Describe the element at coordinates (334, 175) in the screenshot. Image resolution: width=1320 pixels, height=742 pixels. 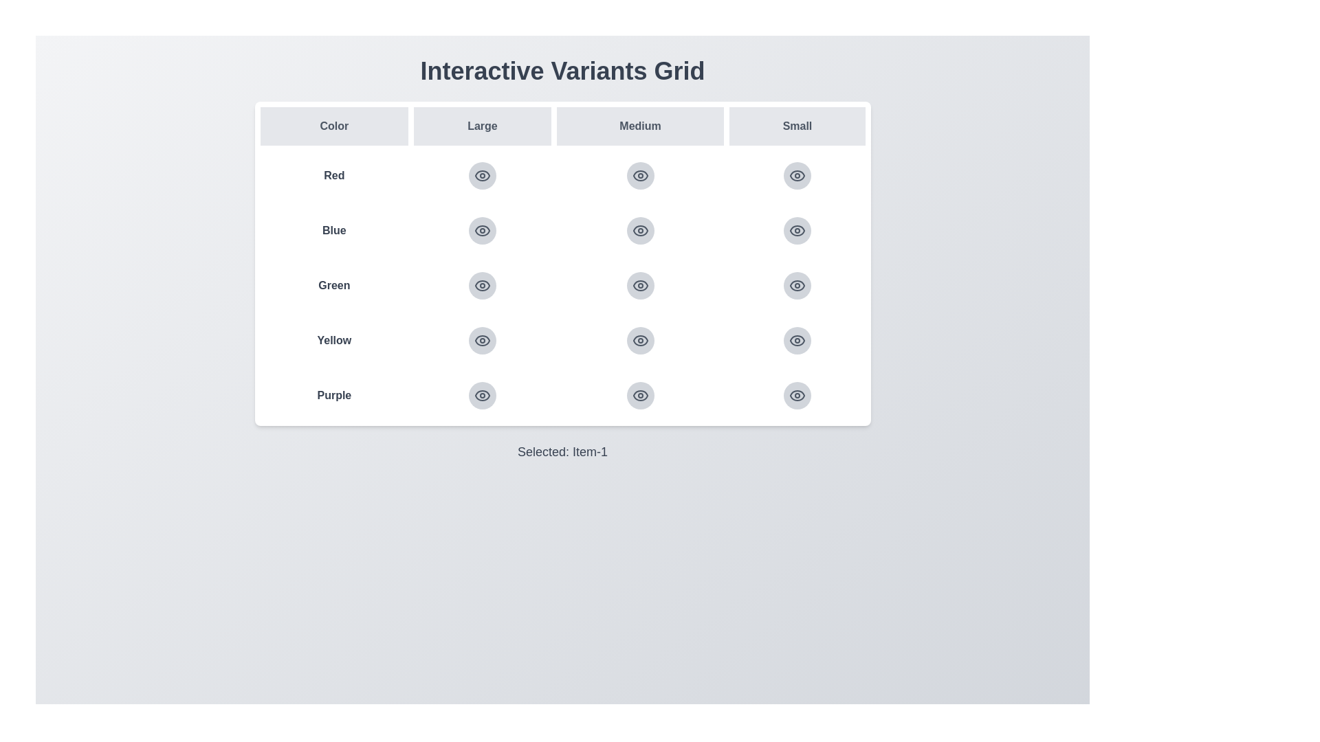
I see `the bold gray textual label displaying 'Red' located in the first row and first column under the 'Color' column heading` at that location.